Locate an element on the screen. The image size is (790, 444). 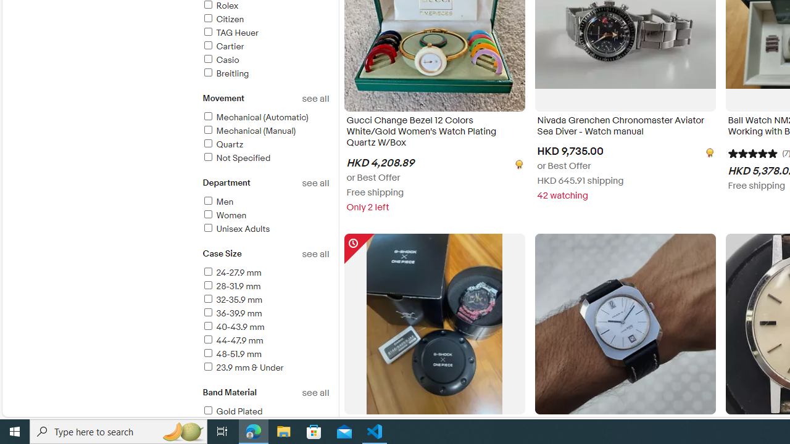
'5 out of 5 stars' is located at coordinates (752, 152).